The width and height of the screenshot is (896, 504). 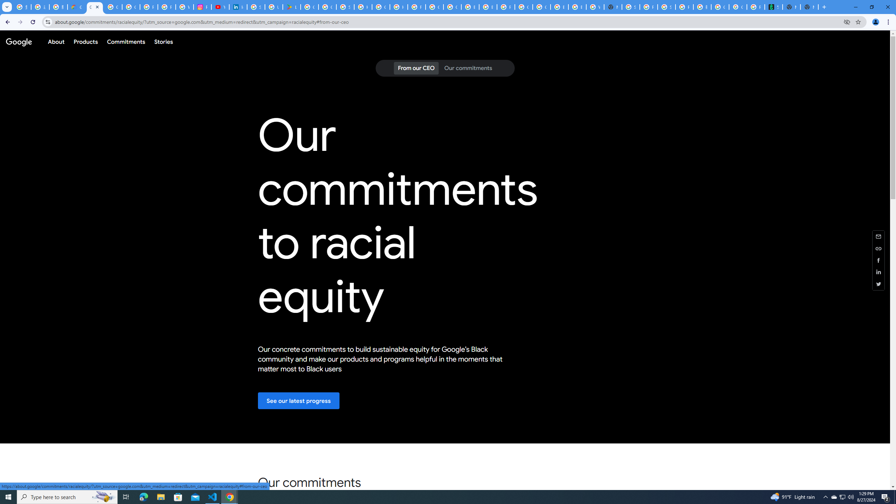 I want to click on 'About', so click(x=56, y=41).